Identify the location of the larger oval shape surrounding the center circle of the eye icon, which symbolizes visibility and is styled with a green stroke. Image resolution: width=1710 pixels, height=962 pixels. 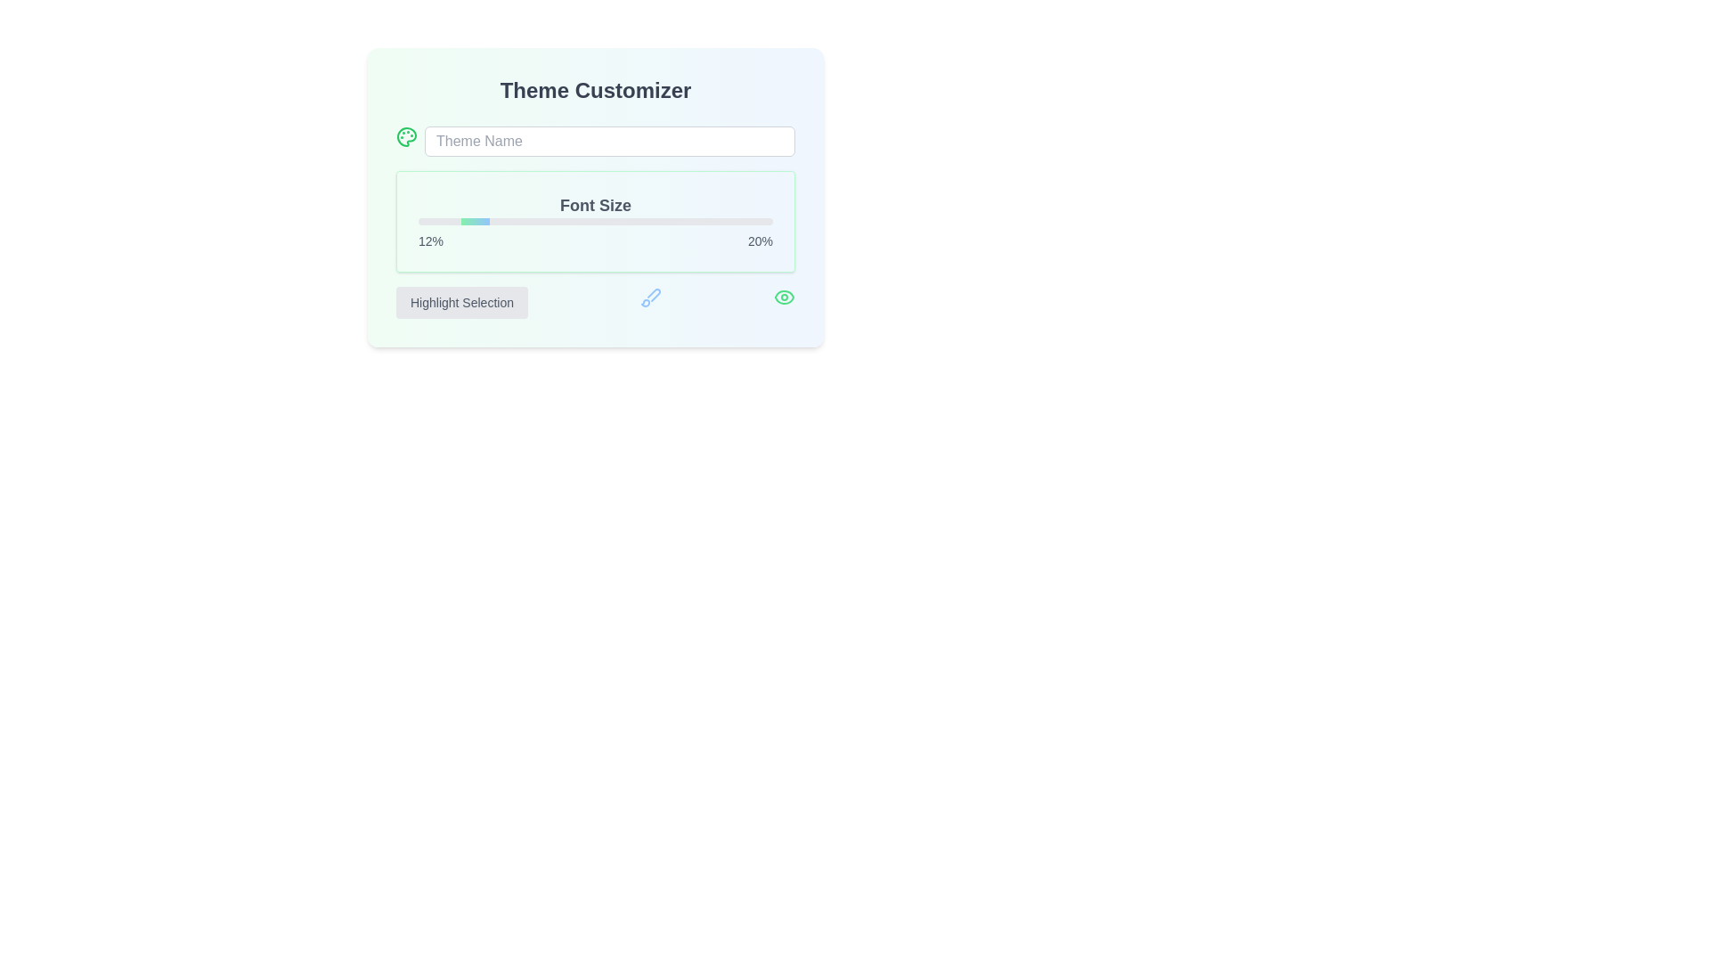
(784, 297).